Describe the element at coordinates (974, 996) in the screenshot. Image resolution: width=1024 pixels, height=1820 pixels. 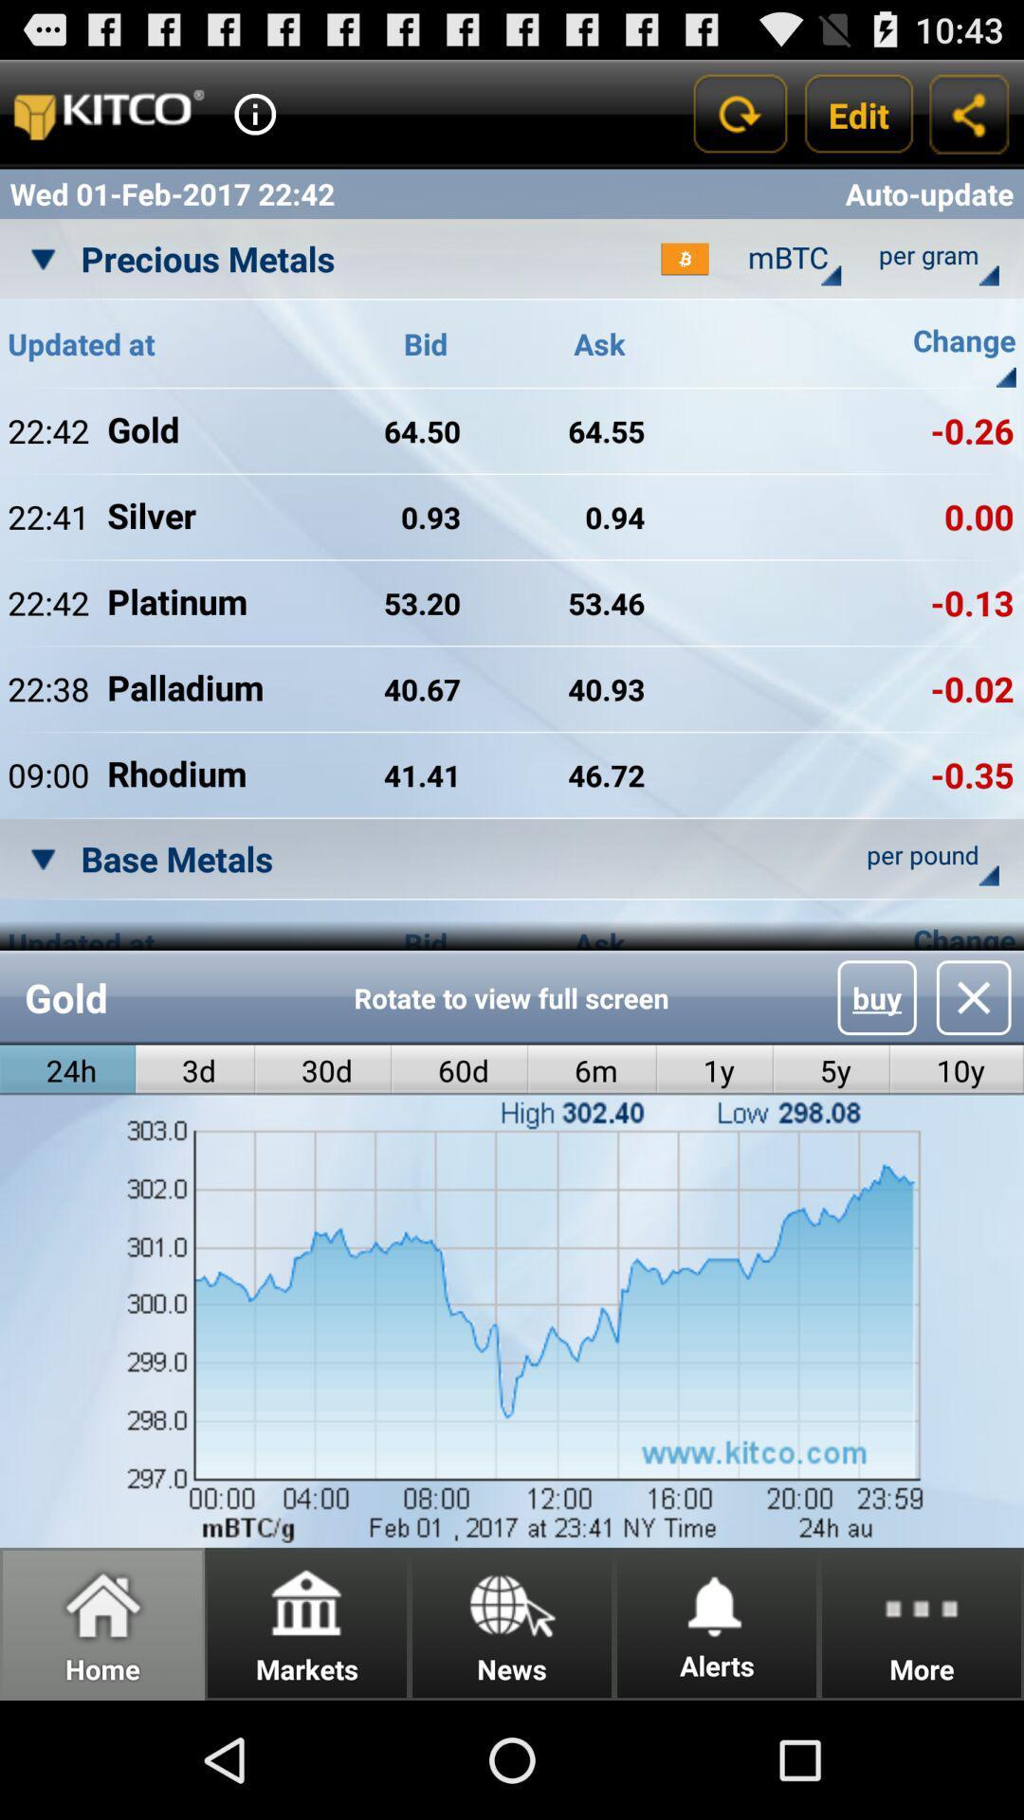
I see `delete window` at that location.